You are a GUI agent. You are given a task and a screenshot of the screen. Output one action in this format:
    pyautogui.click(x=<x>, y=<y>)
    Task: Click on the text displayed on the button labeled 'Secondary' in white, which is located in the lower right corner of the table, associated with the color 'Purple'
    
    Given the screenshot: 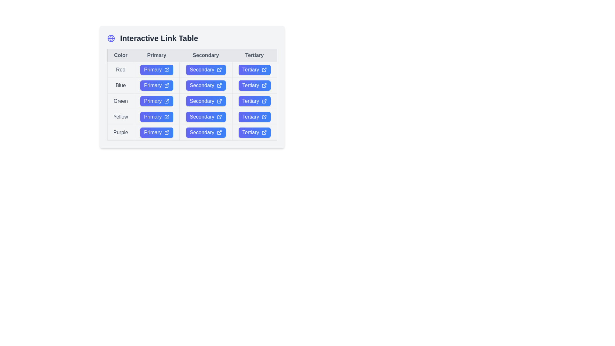 What is the action you would take?
    pyautogui.click(x=201, y=132)
    